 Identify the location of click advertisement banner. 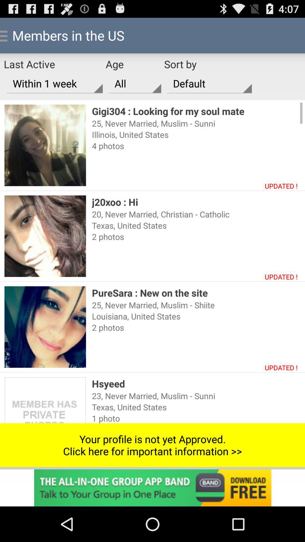
(152, 488).